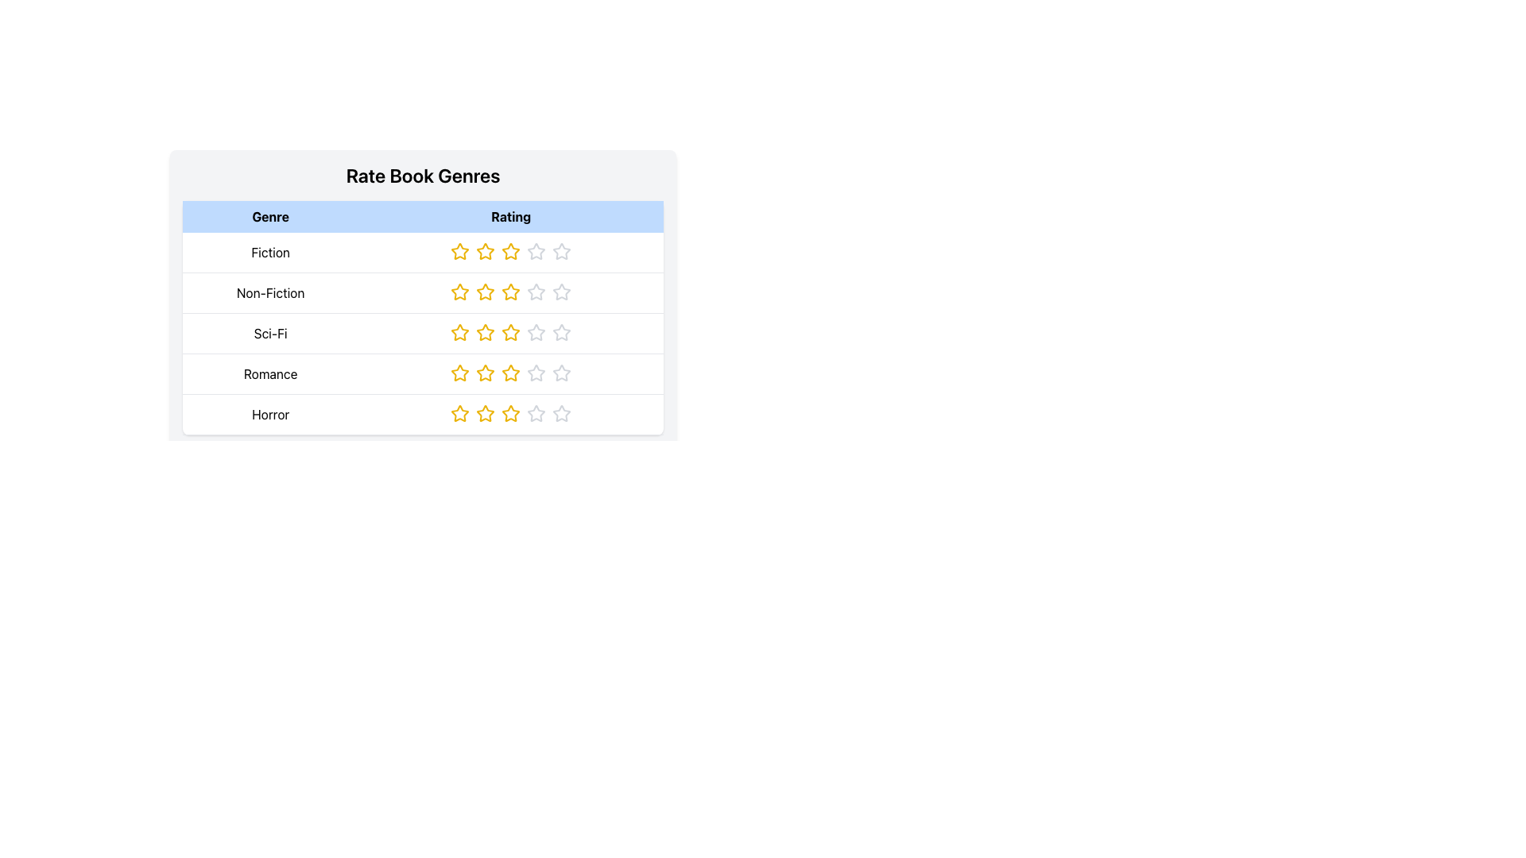 Image resolution: width=1526 pixels, height=858 pixels. What do you see at coordinates (511, 412) in the screenshot?
I see `the second star in the rating row for the 'Horror' genre` at bounding box center [511, 412].